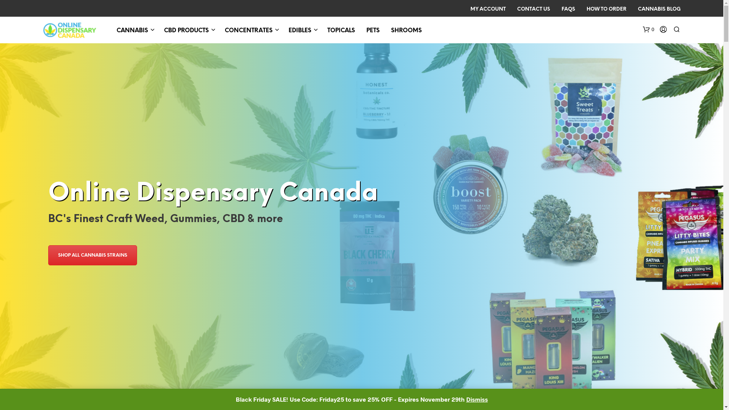  I want to click on 'FAQS', so click(556, 9).